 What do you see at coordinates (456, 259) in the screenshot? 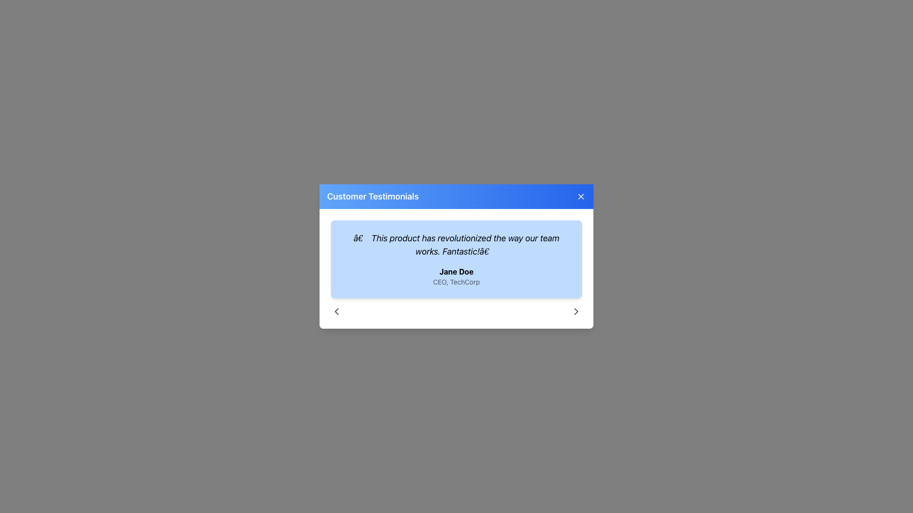
I see `the customer testimonial informational card displayed in the 'Customer Testimonials' modal window` at bounding box center [456, 259].